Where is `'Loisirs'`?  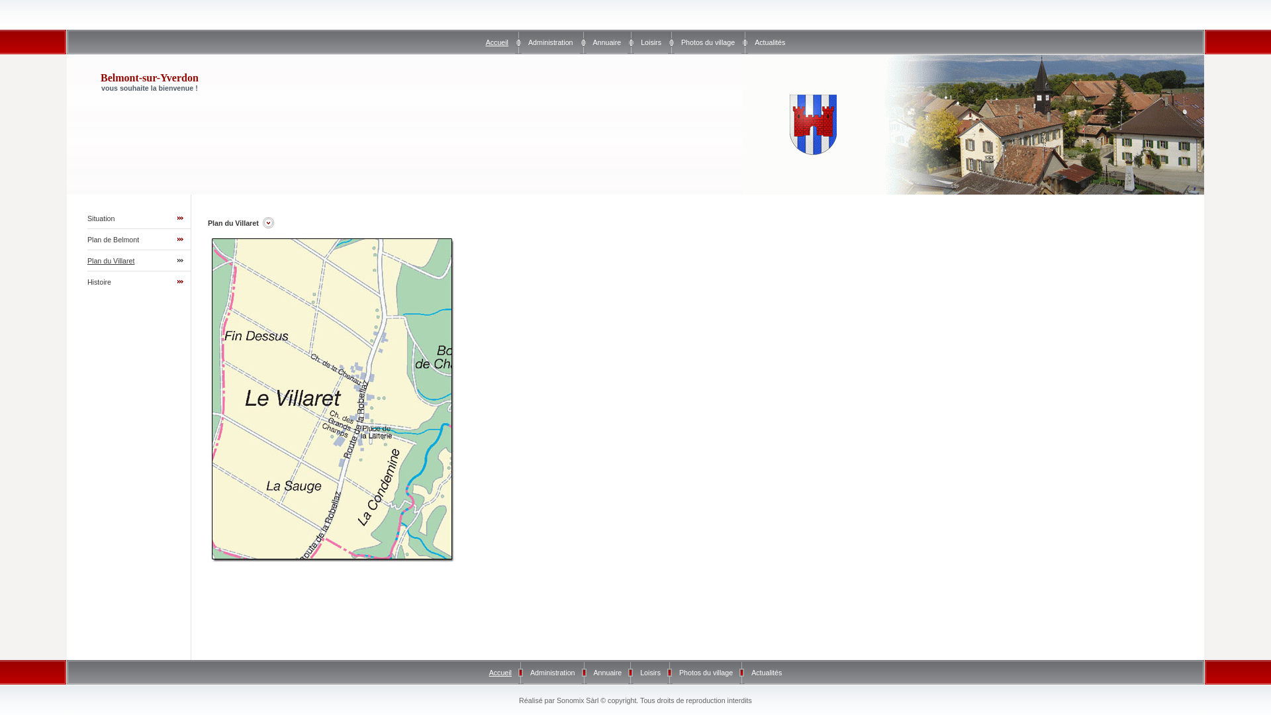 'Loisirs' is located at coordinates (650, 672).